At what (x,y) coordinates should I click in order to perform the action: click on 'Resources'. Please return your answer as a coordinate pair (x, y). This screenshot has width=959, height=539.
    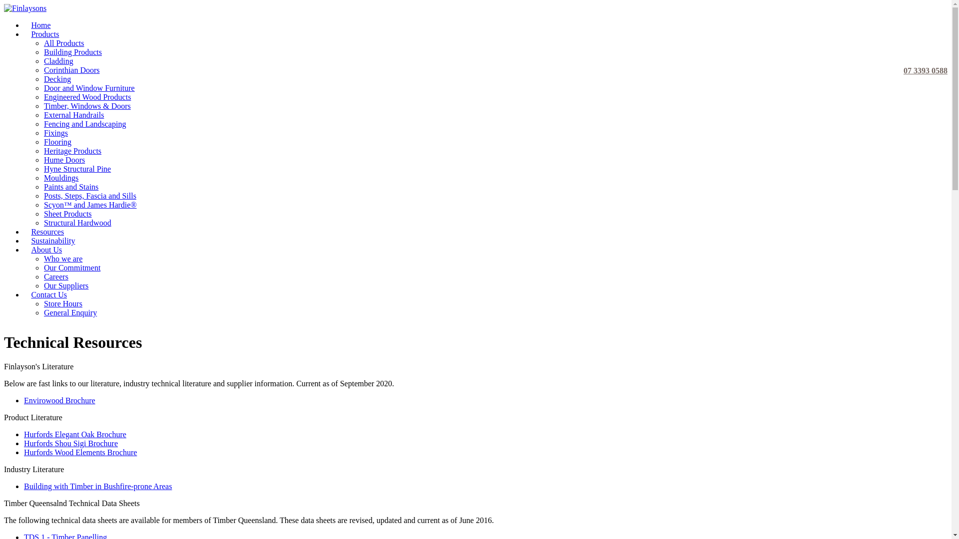
    Looking at the image, I should click on (47, 232).